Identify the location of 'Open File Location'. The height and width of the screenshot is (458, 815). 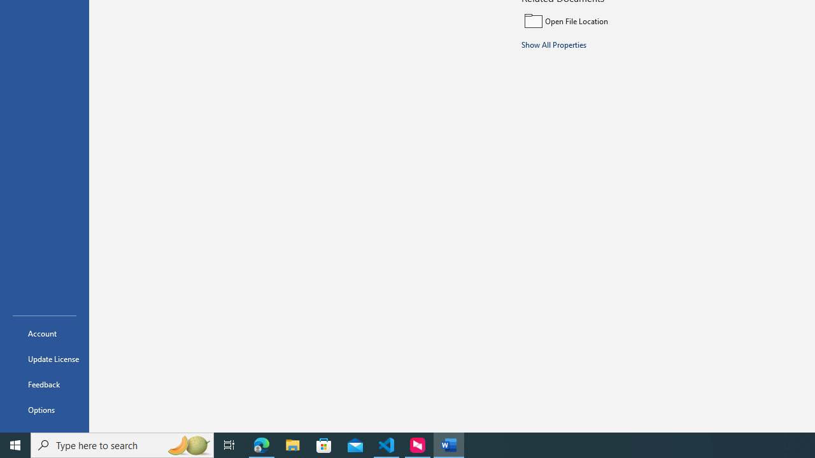
(606, 20).